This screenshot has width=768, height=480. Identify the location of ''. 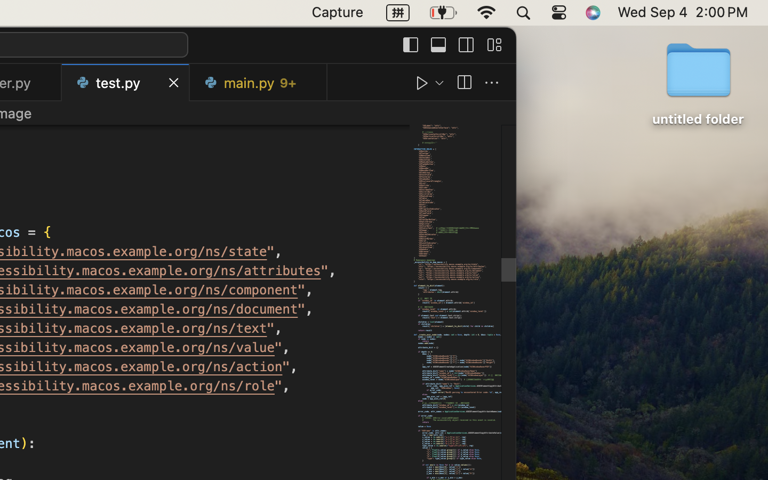
(463, 83).